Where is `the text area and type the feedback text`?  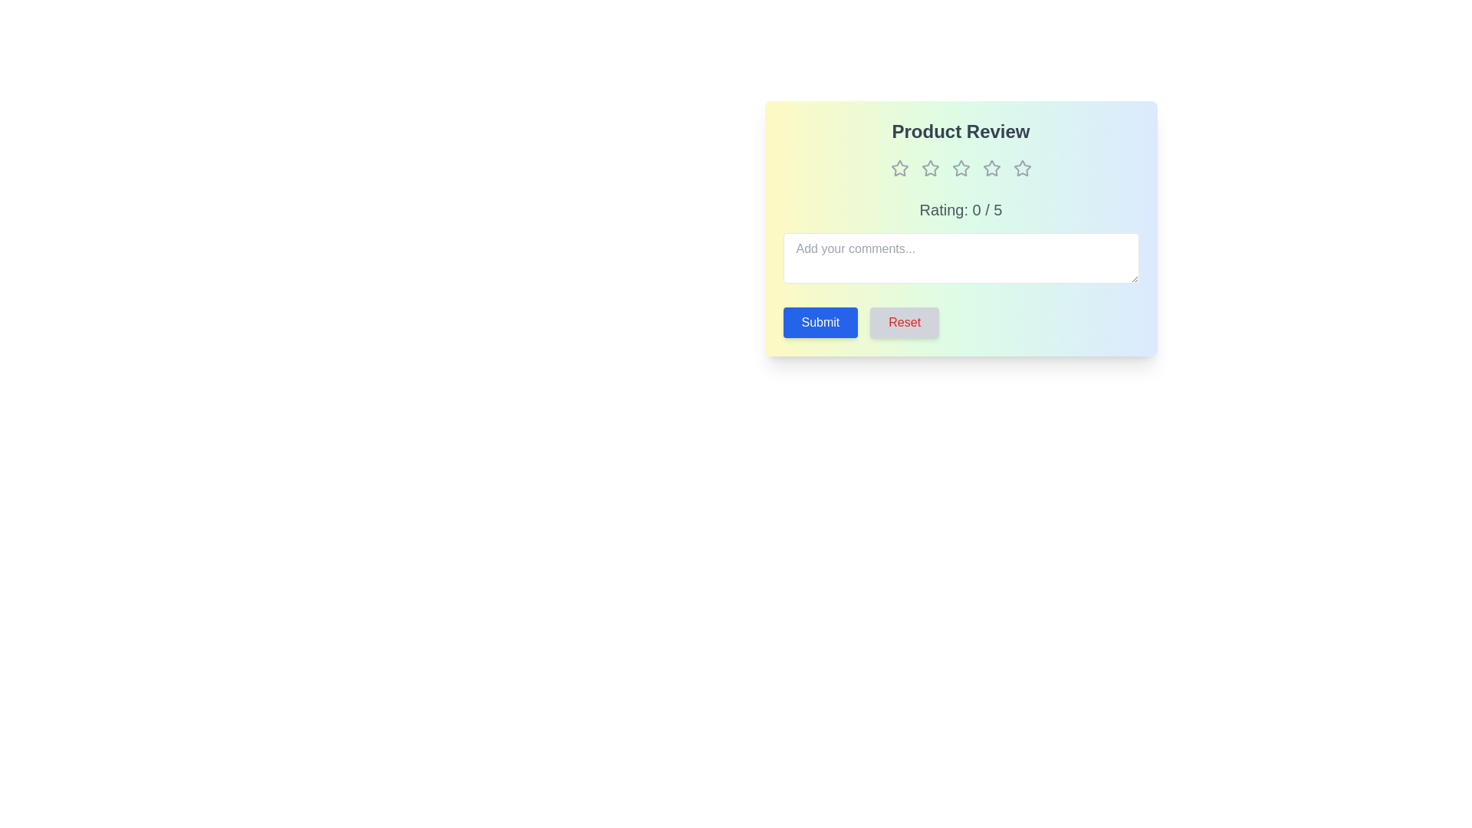 the text area and type the feedback text is located at coordinates (960, 257).